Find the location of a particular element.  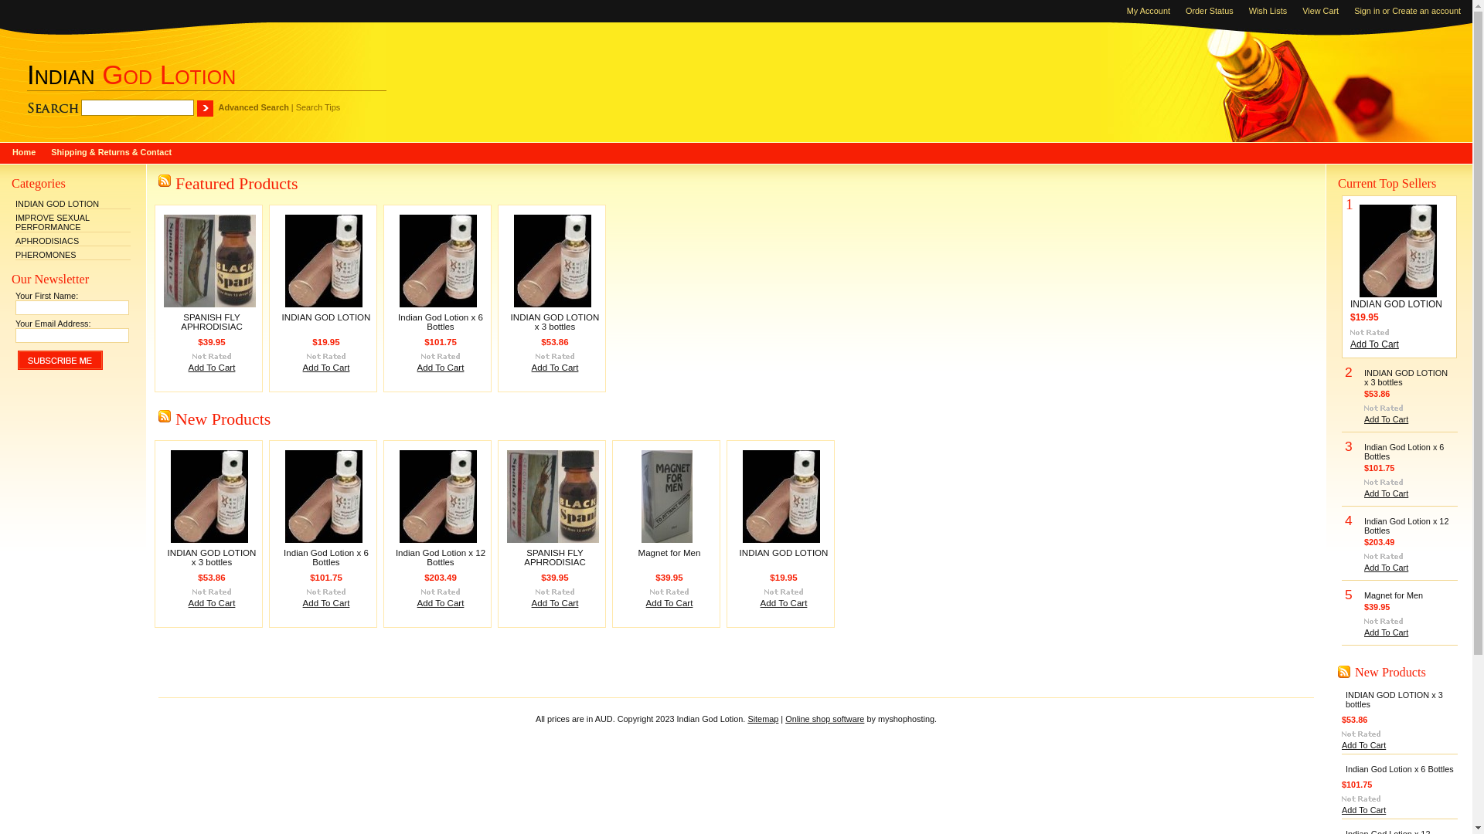

'My Account' is located at coordinates (1111, 11).